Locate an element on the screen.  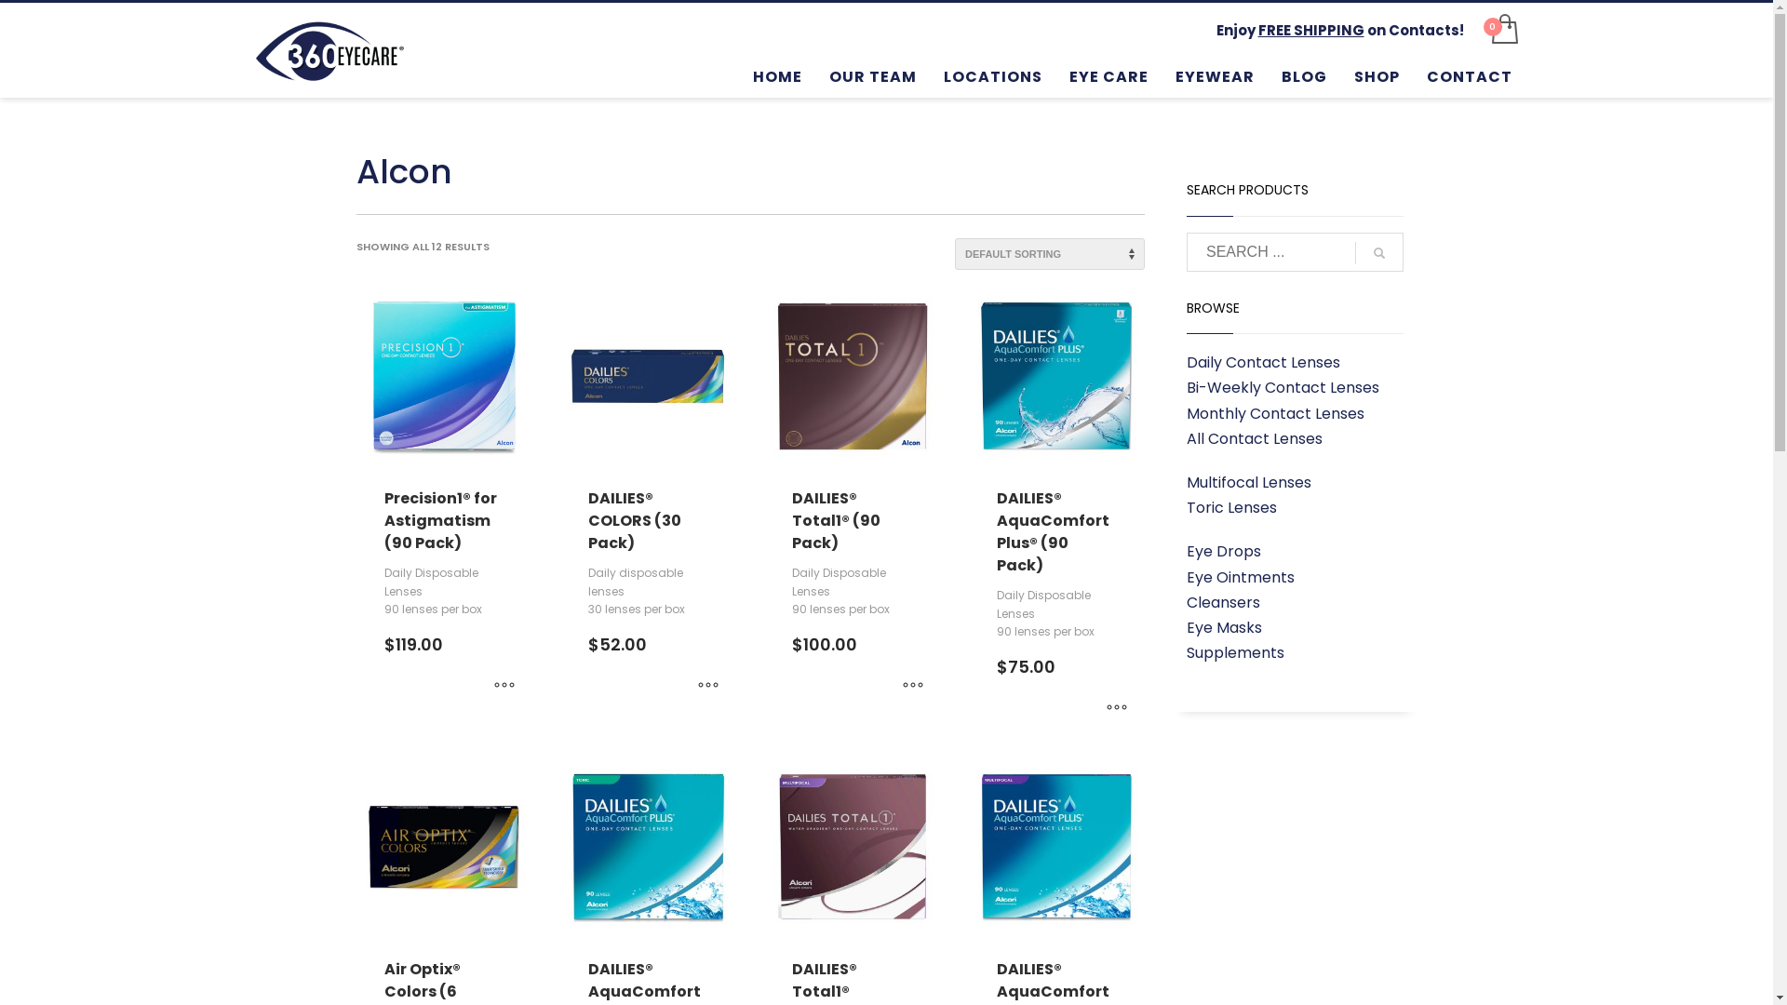
'BLOG' is located at coordinates (1303, 74).